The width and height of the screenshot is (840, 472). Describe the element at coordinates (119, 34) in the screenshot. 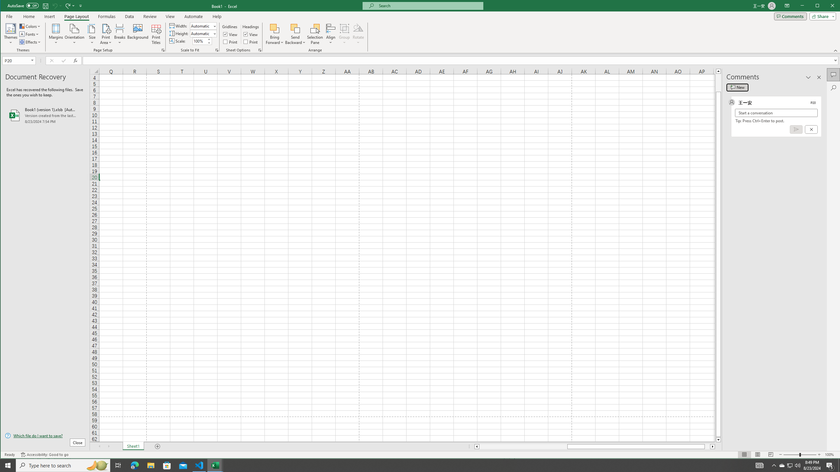

I see `'Breaks'` at that location.